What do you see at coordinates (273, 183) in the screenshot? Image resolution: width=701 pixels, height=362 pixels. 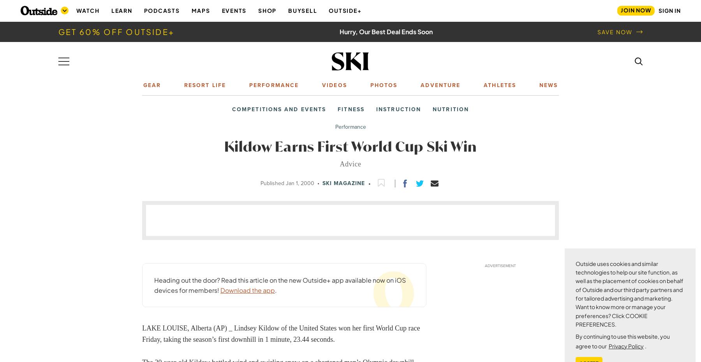 I see `'Published'` at bounding box center [273, 183].